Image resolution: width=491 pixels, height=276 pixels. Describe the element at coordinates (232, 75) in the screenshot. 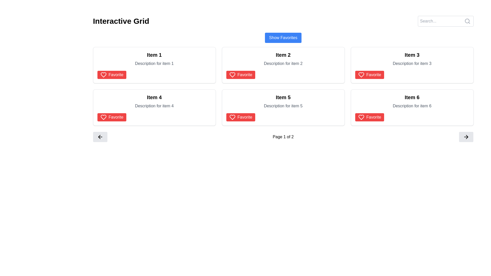

I see `the red heart icon used for marking favorites or likes, located within the 'Item 2' card, to the left of the 'Favorite' button` at that location.